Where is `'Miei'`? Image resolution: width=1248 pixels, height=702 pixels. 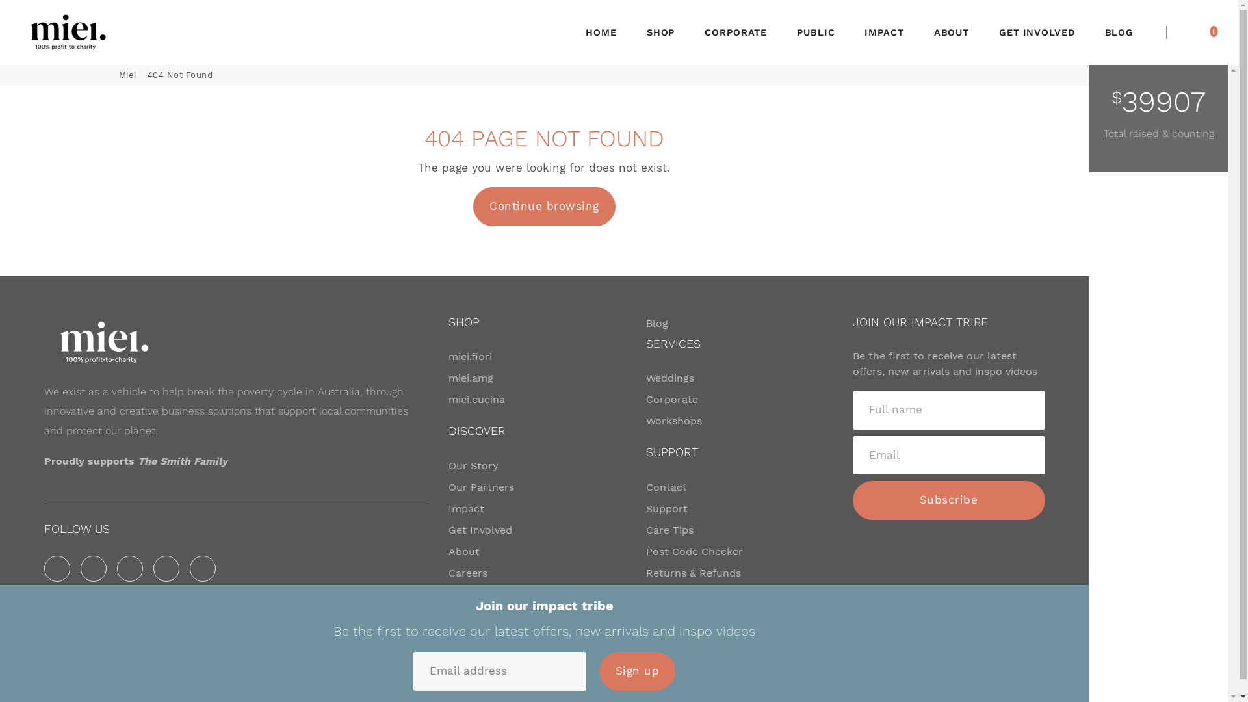 'Miei' is located at coordinates (127, 75).